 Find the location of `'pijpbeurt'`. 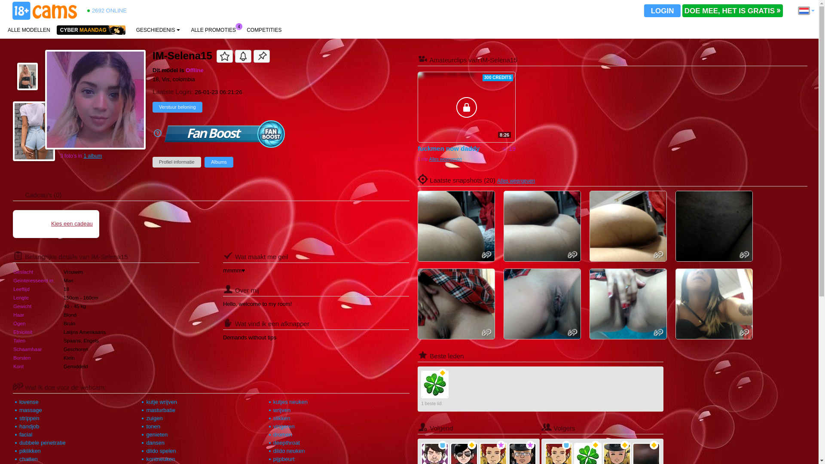

'pijpbeurt' is located at coordinates (284, 458).